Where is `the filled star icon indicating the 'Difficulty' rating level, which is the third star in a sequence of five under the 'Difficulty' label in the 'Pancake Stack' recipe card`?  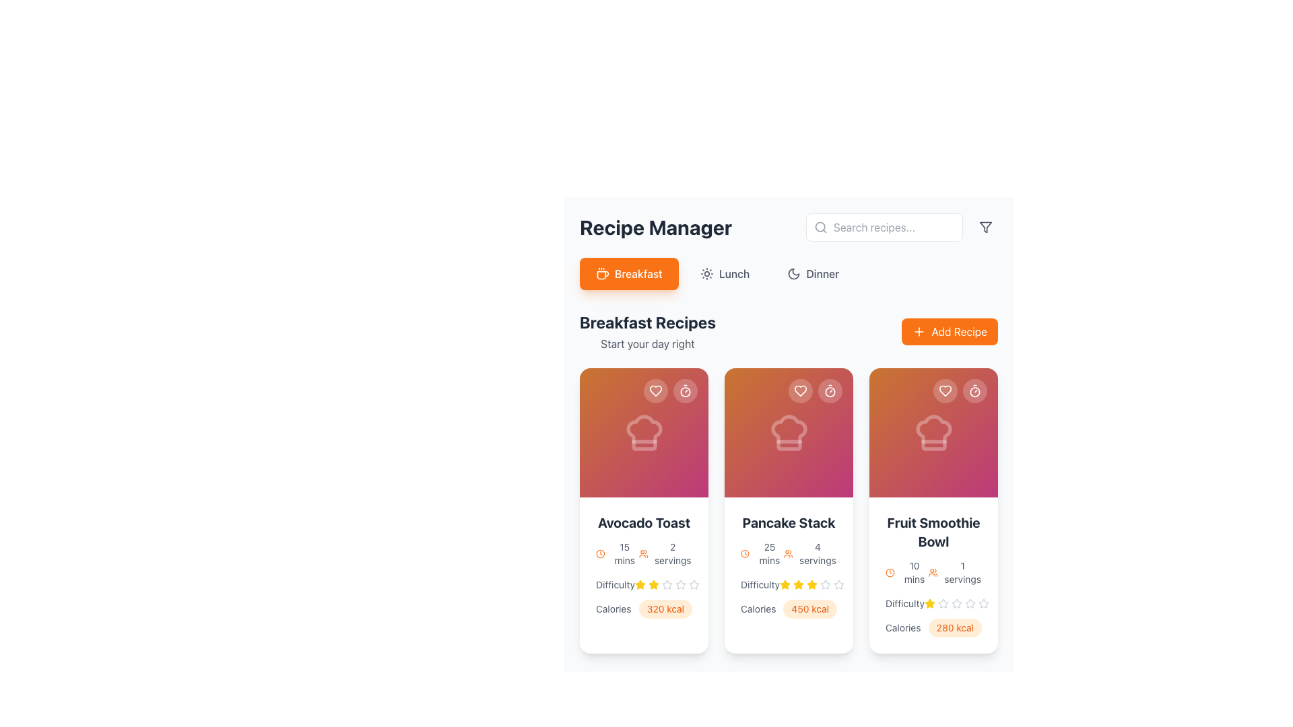 the filled star icon indicating the 'Difficulty' rating level, which is the third star in a sequence of five under the 'Difficulty' label in the 'Pancake Stack' recipe card is located at coordinates (798, 584).